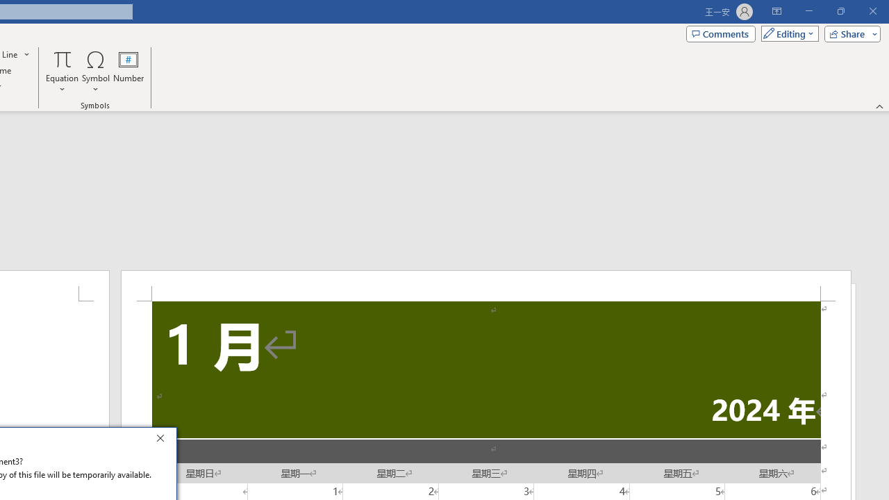 The width and height of the screenshot is (889, 500). What do you see at coordinates (95, 72) in the screenshot?
I see `'Symbol'` at bounding box center [95, 72].